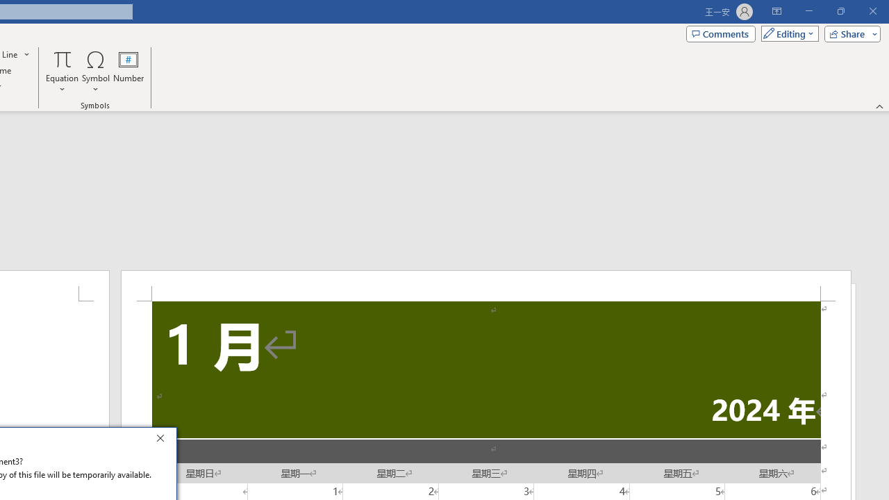 The width and height of the screenshot is (889, 500). What do you see at coordinates (95, 72) in the screenshot?
I see `'Symbol'` at bounding box center [95, 72].